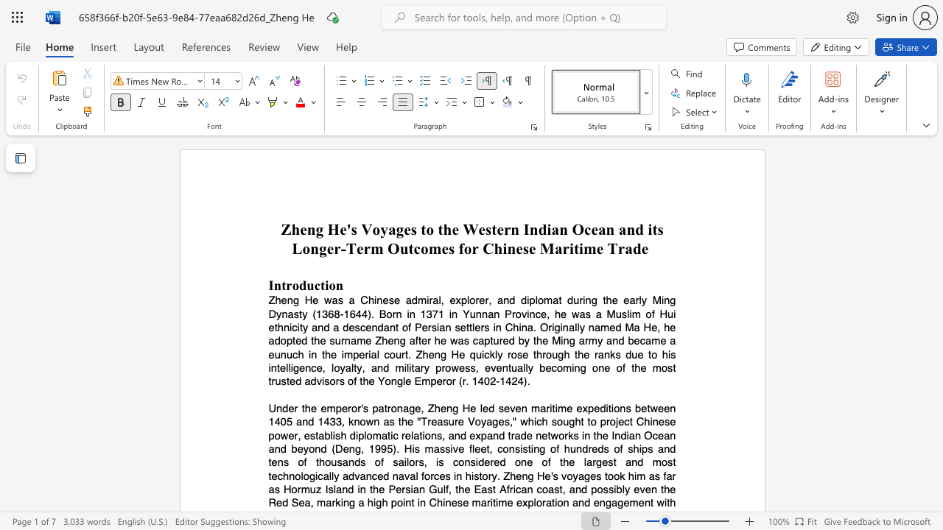 This screenshot has width=943, height=530. Describe the element at coordinates (296, 448) in the screenshot. I see `the space between the continuous character "b" and "e" in the text` at that location.